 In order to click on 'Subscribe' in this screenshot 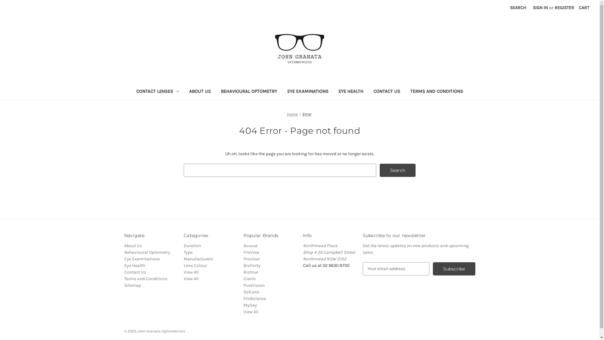, I will do `click(433, 269)`.